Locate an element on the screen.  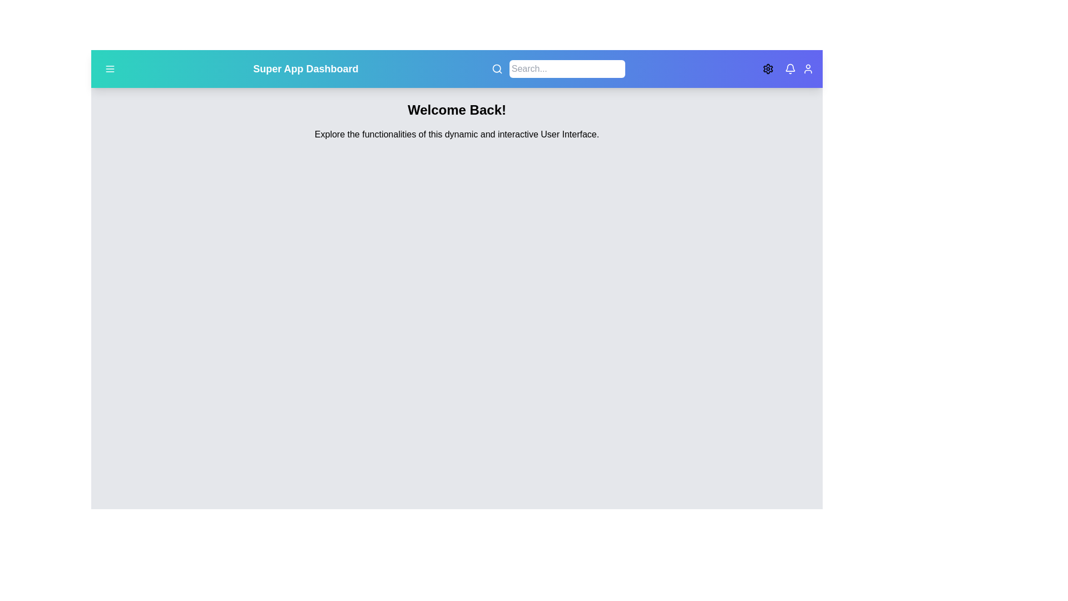
the menu button located at the top-left corner of the app bar is located at coordinates (110, 68).